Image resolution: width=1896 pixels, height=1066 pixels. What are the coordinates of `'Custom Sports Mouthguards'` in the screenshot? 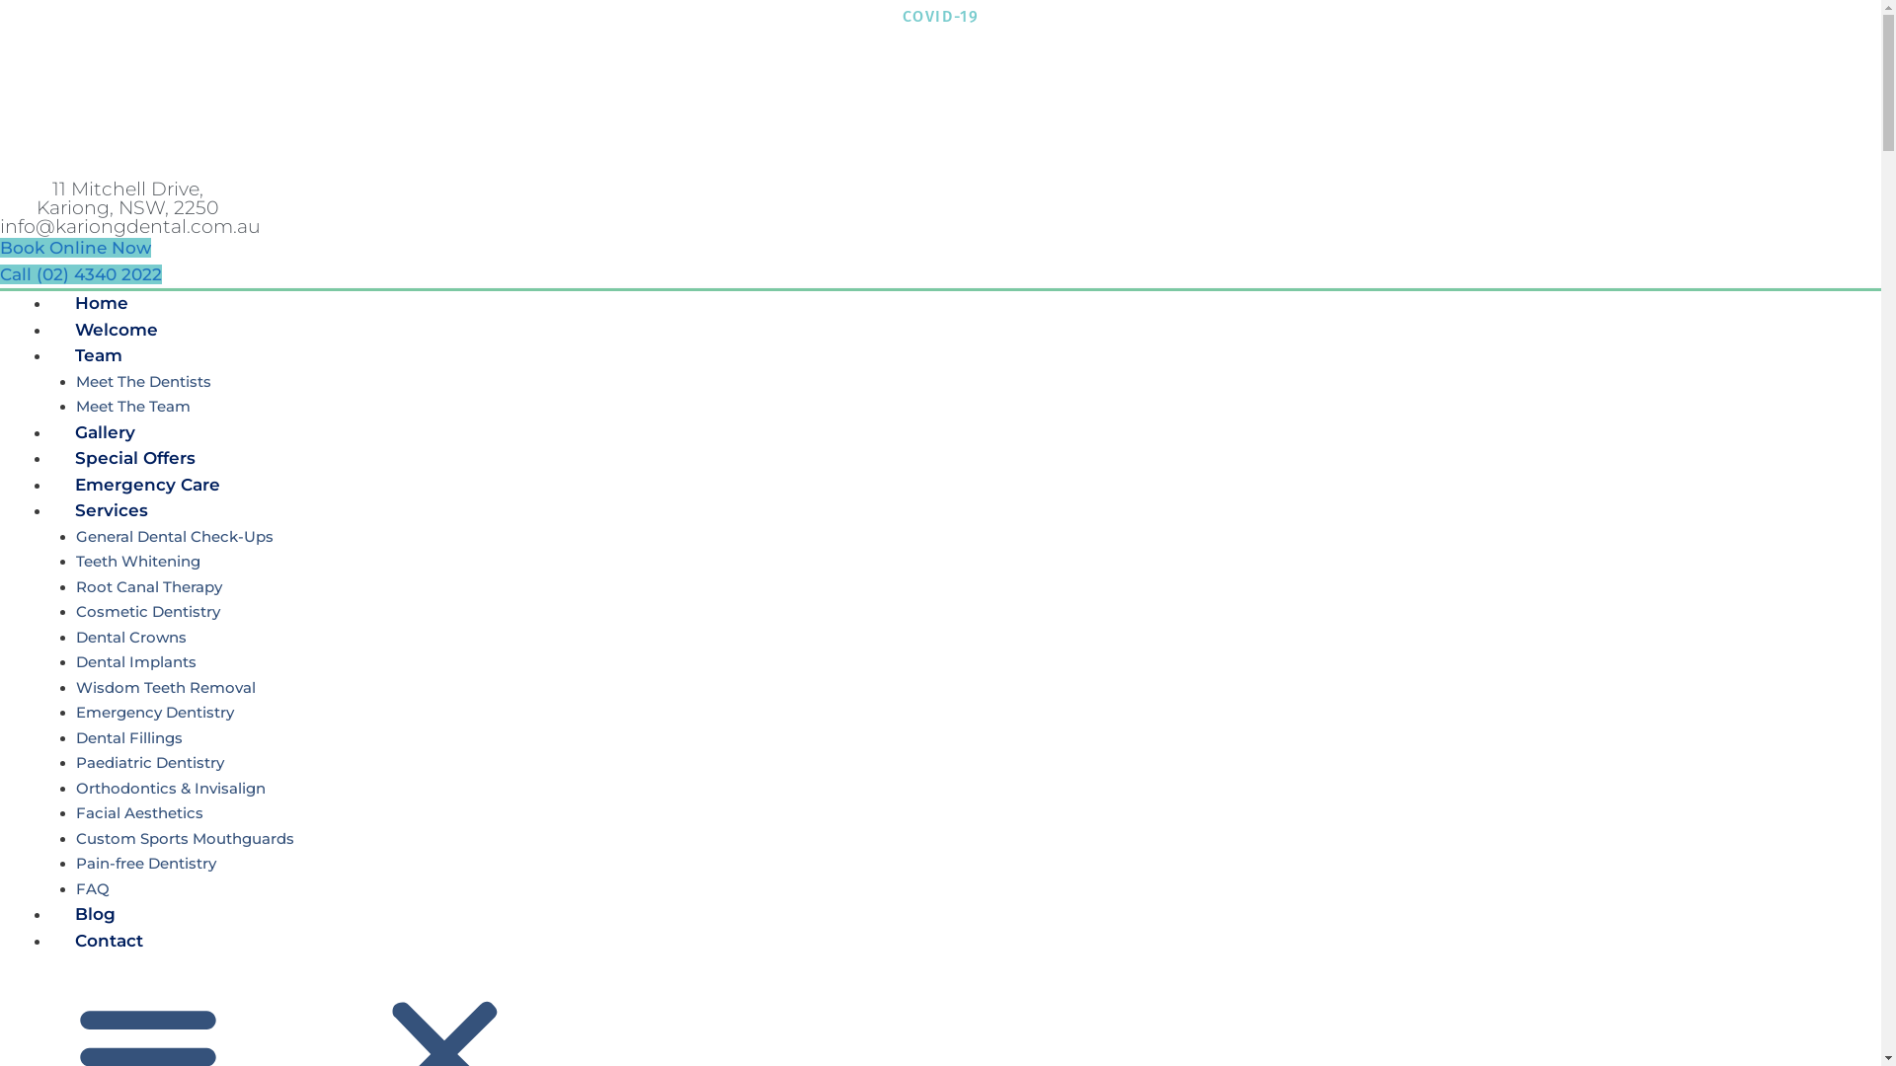 It's located at (184, 838).